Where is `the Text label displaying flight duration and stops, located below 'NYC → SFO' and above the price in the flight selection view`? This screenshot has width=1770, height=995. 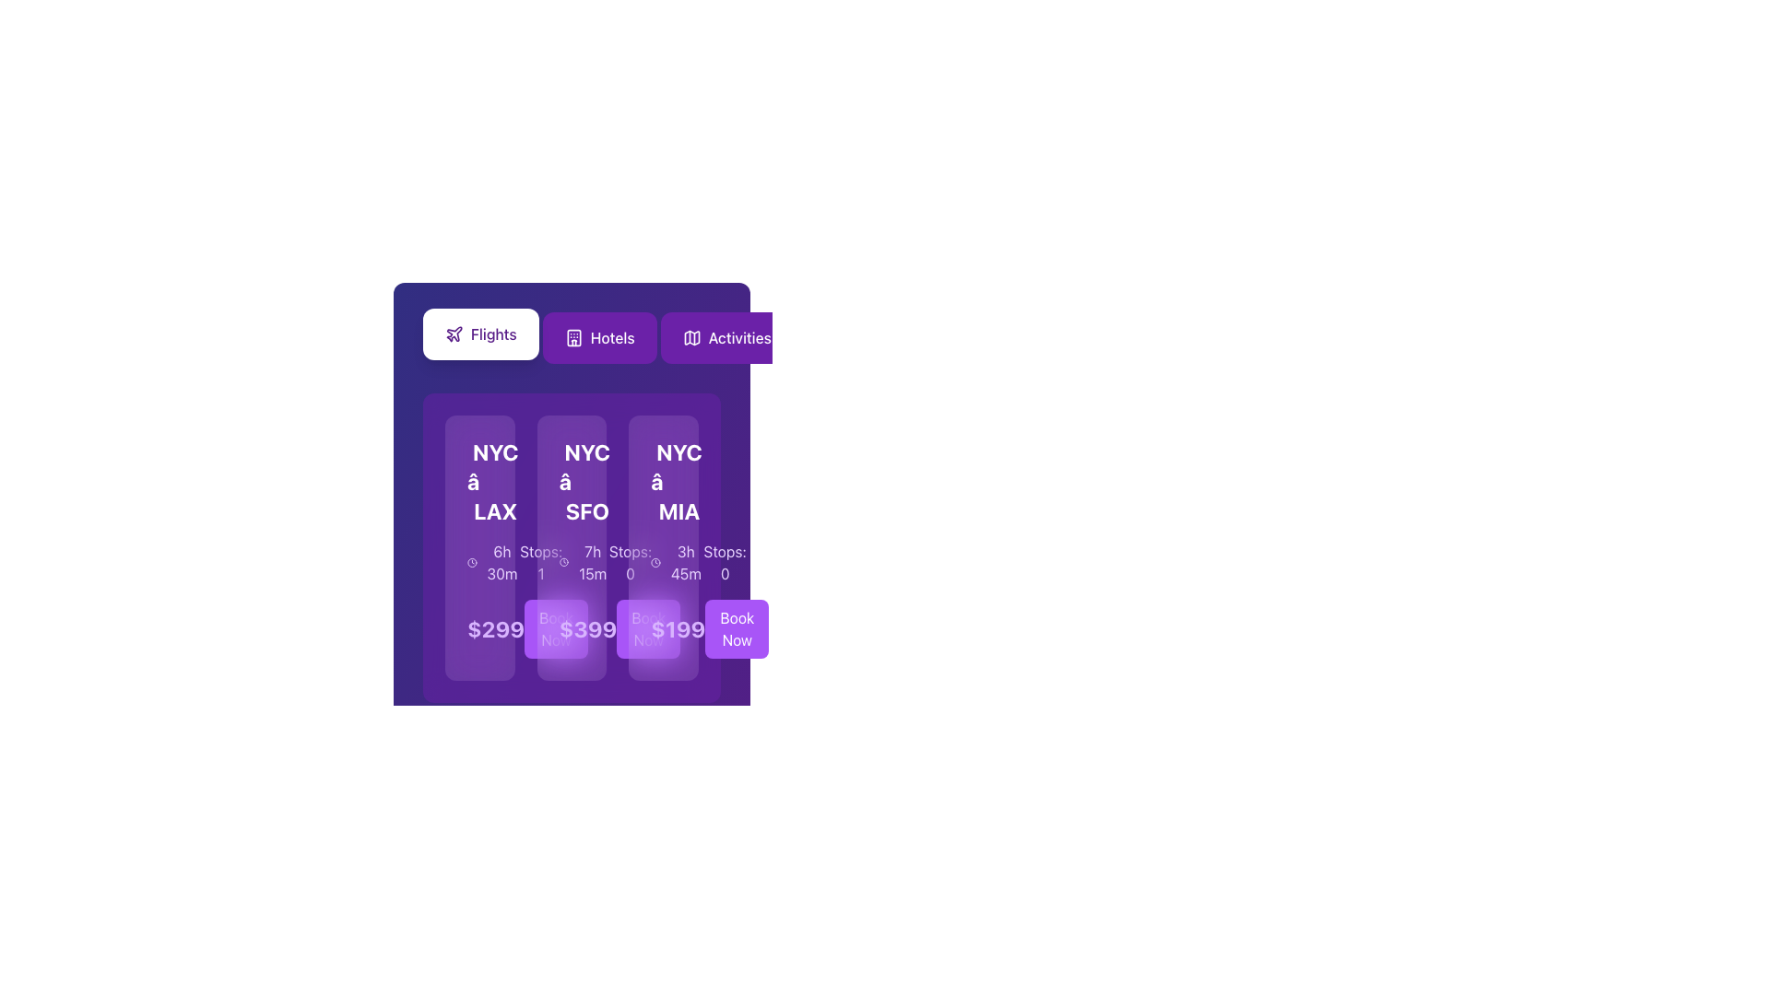
the Text label displaying flight duration and stops, located below 'NYC → SFO' and above the price in the flight selection view is located at coordinates (571, 561).